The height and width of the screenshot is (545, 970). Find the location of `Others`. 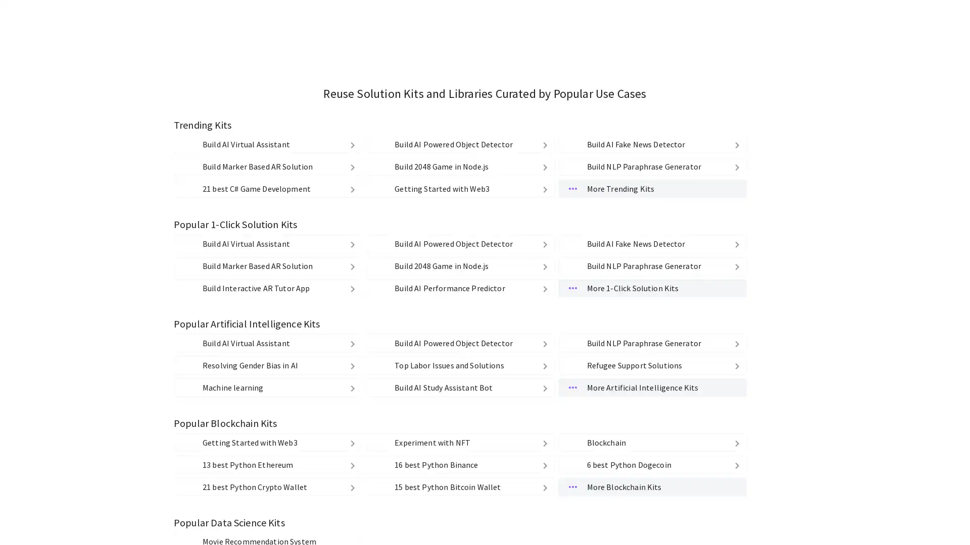

Others is located at coordinates (382, 297).